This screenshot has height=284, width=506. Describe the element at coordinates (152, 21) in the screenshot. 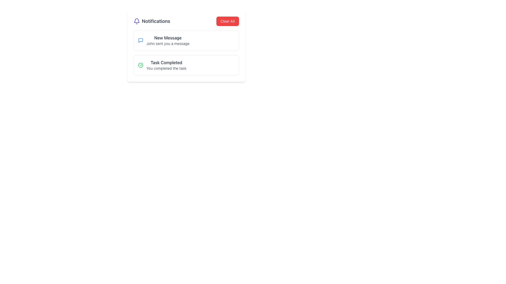

I see `the Label with an icon that titles the notification panel, positioned to the left of the layout before the 'Clear All' button` at that location.